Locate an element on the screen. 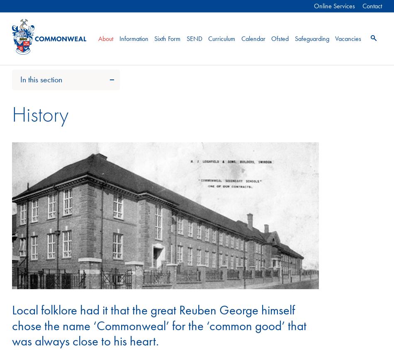 The height and width of the screenshot is (350, 394). 'Sixth Form' is located at coordinates (167, 38).